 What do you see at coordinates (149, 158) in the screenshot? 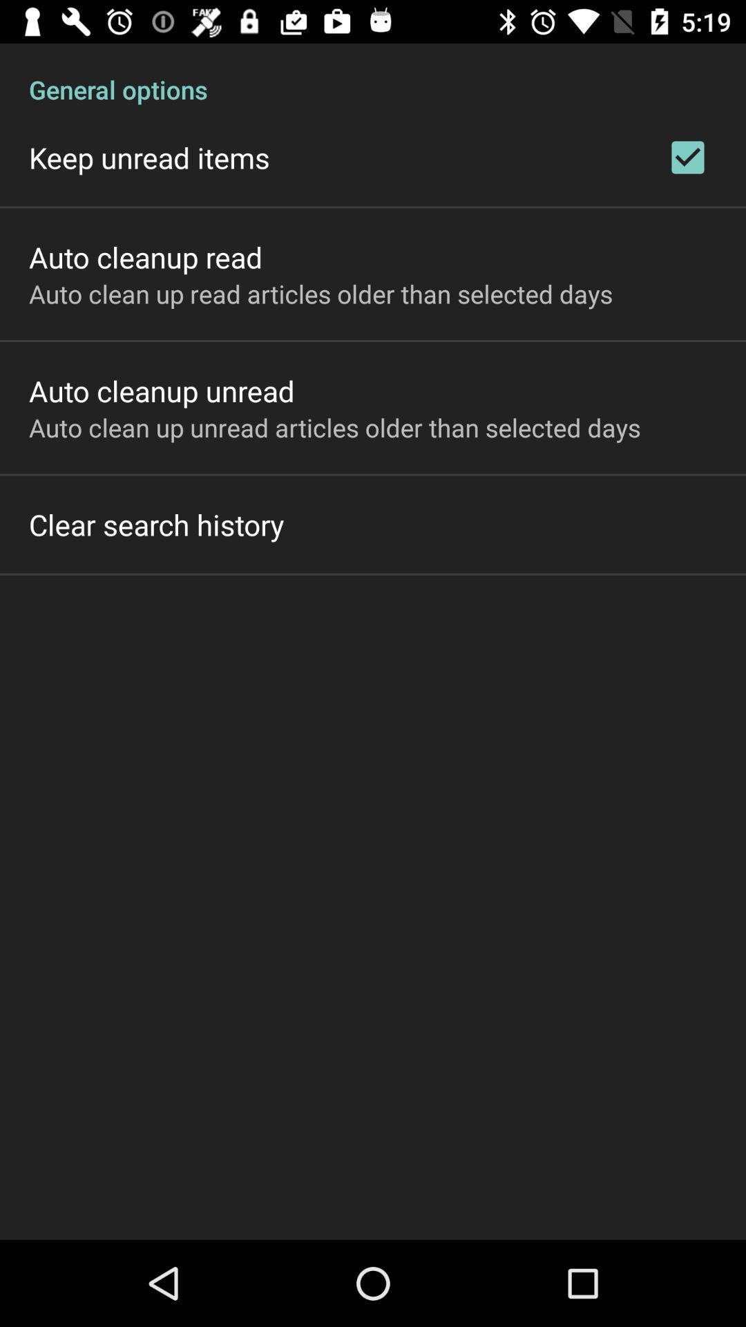
I see `keep unread items` at bounding box center [149, 158].